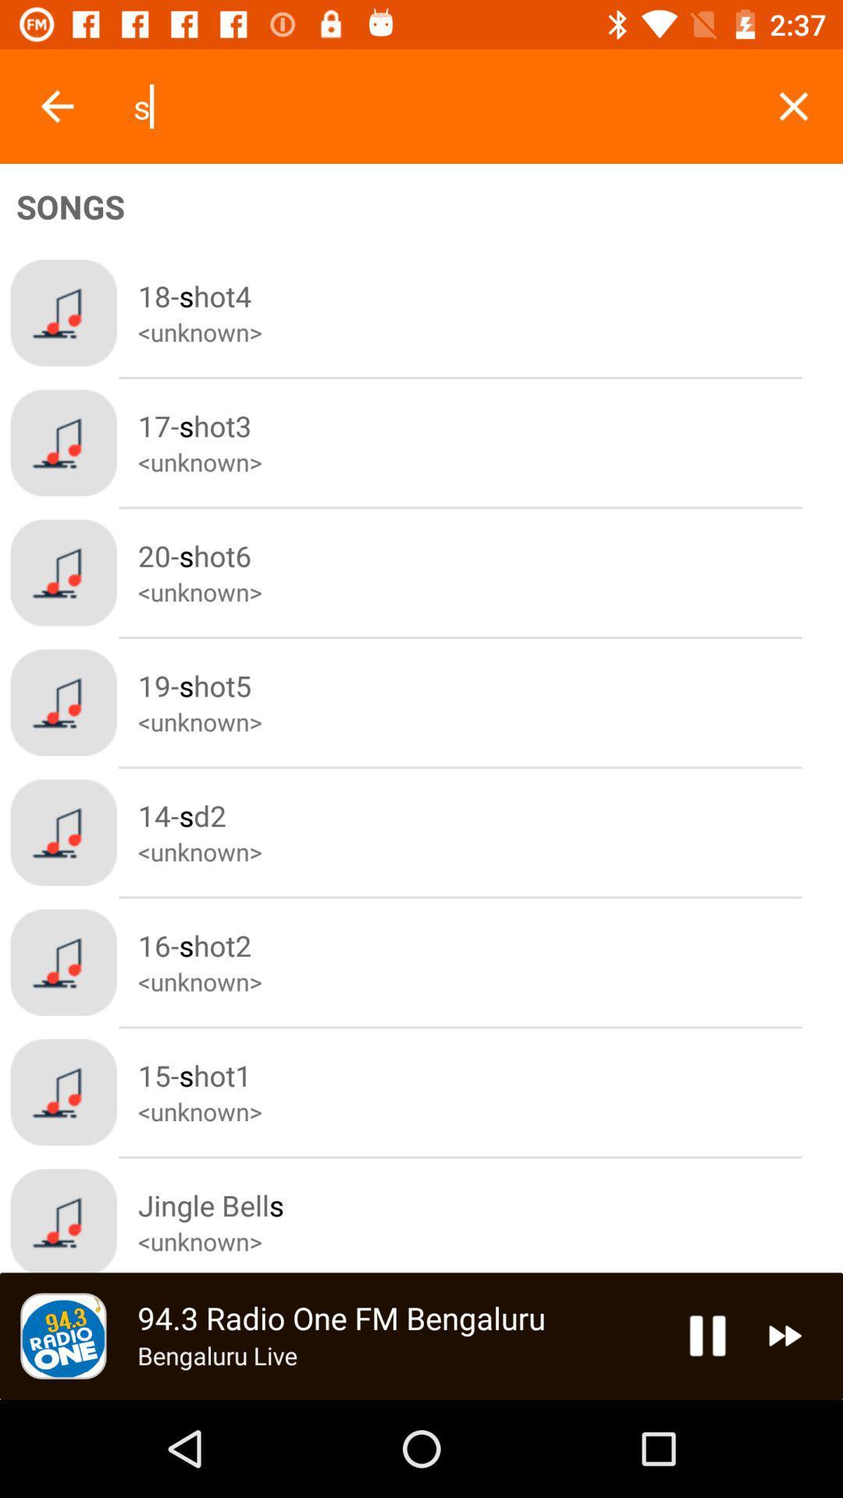  What do you see at coordinates (794, 105) in the screenshot?
I see `search` at bounding box center [794, 105].